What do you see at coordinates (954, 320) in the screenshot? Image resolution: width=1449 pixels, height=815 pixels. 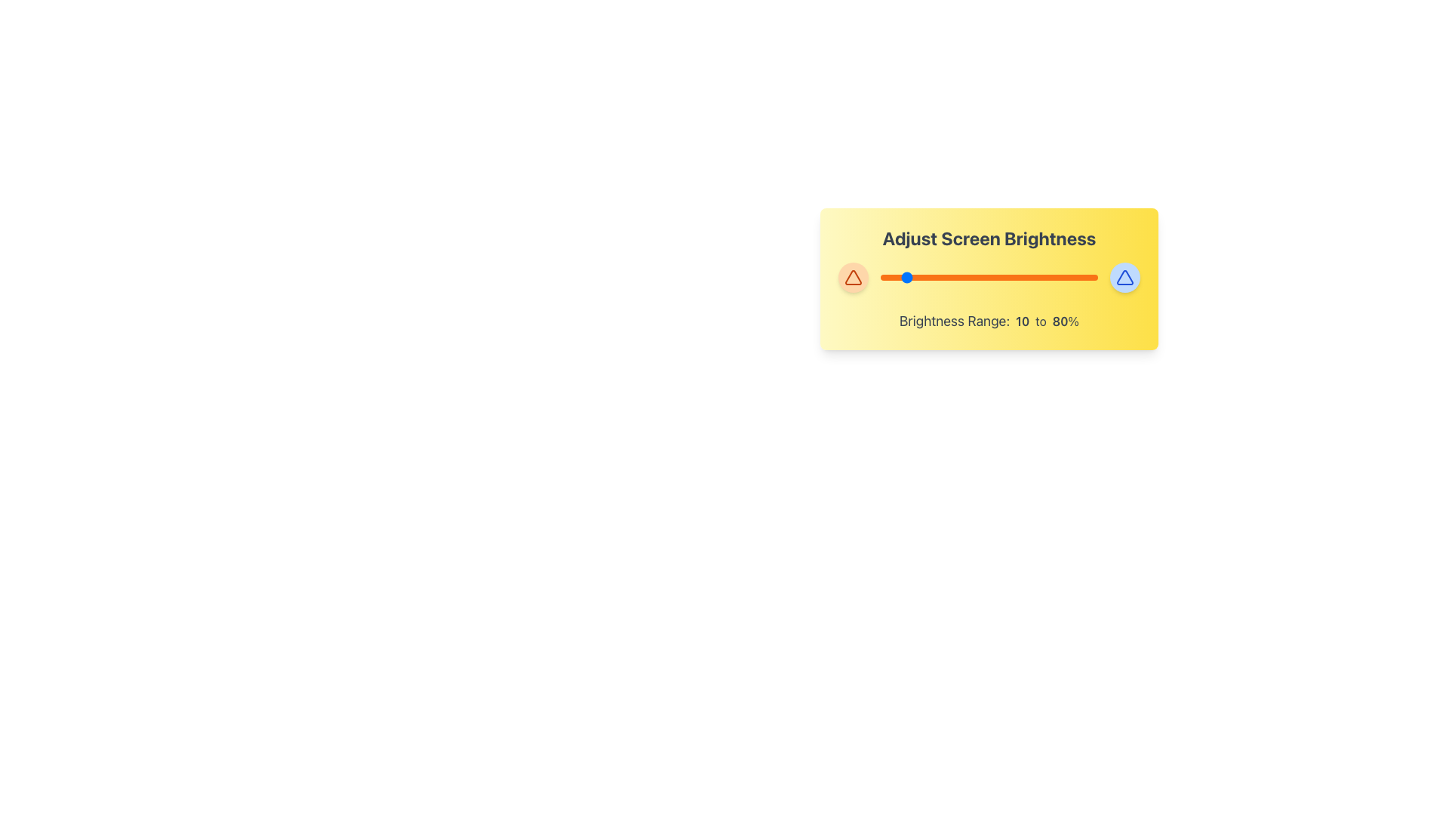 I see `the static text element that reads 'Brightness Range:' styled with a large and bold font, located on the bottom portion of the brightness adjustment interface and situated in a light yellow background panel` at bounding box center [954, 320].